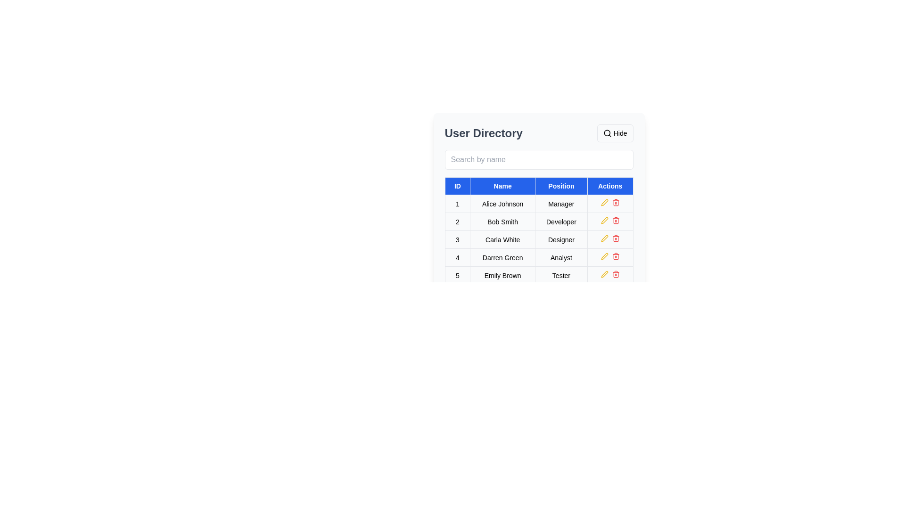 This screenshot has width=905, height=509. Describe the element at coordinates (616, 256) in the screenshot. I see `the delete icon button located in the 'Actions' column for 'Darren Green - Analyst' to invoke its delete functionality` at that location.